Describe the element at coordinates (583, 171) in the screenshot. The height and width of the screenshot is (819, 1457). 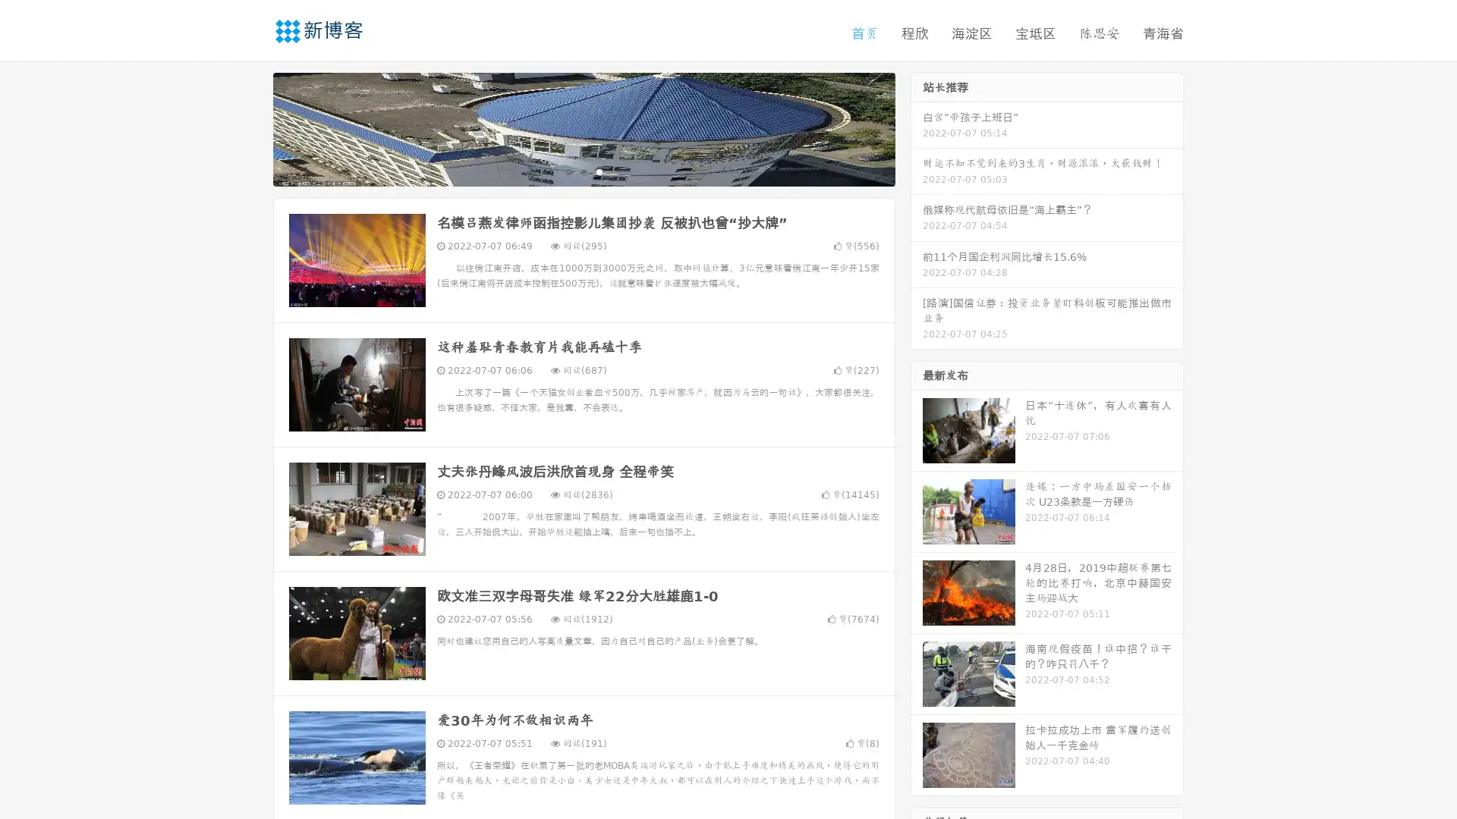
I see `Go to slide 2` at that location.